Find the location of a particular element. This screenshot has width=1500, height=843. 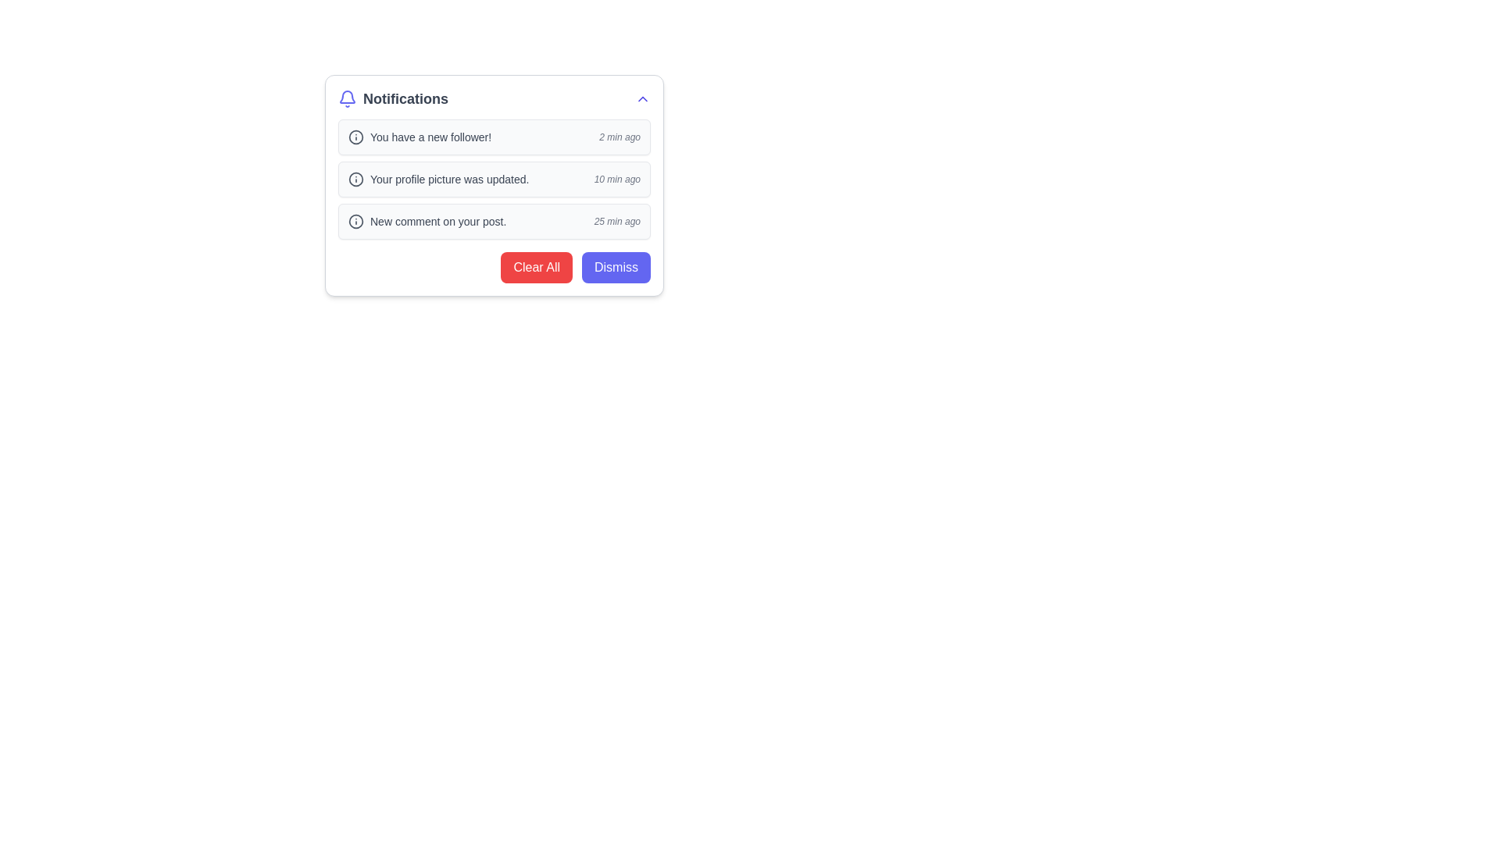

the Text label indicating notifications, located to the right of the notification bell icon in the notification dropdown panel is located at coordinates (405, 99).